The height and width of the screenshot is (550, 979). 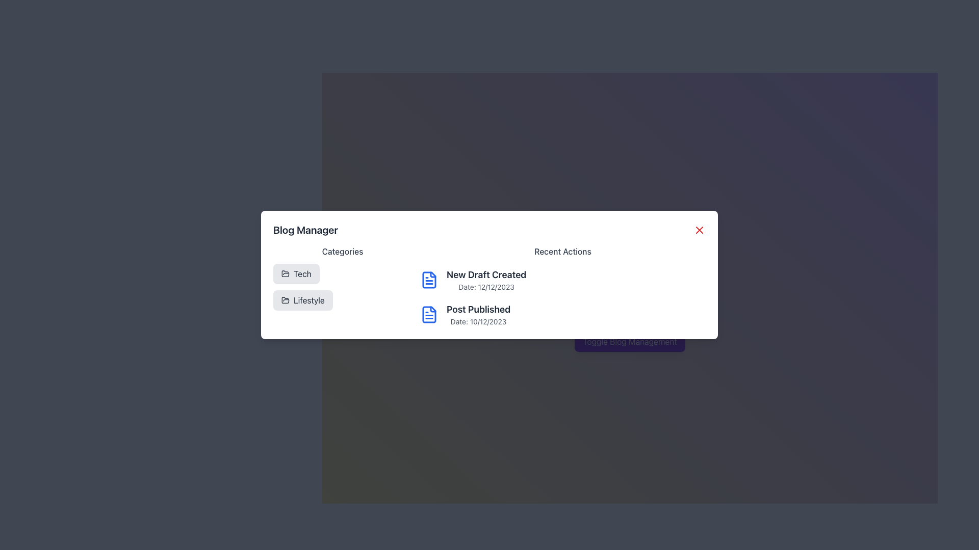 What do you see at coordinates (486, 287) in the screenshot?
I see `the text label displaying the creation date of the draft, located below the title 'New Draft Created' in the 'Recent Actions' section` at bounding box center [486, 287].